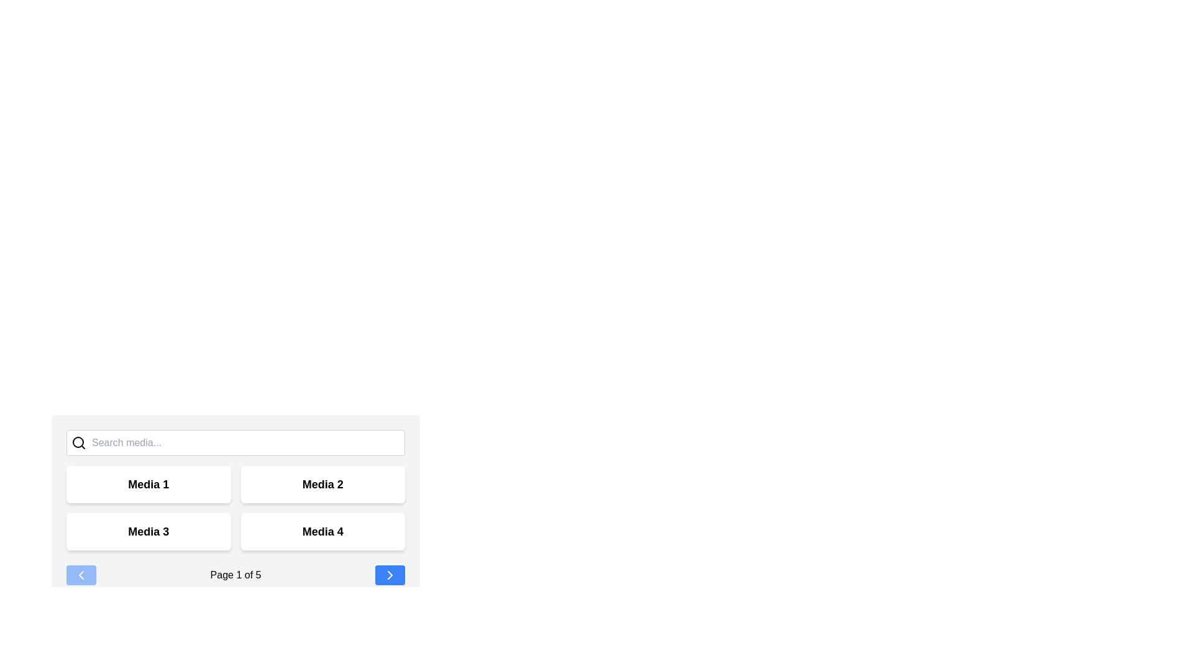 This screenshot has height=671, width=1193. Describe the element at coordinates (149, 483) in the screenshot. I see `the text label 'Media 1', which serves as a title for its section in the upper-left block of the grid layout` at that location.